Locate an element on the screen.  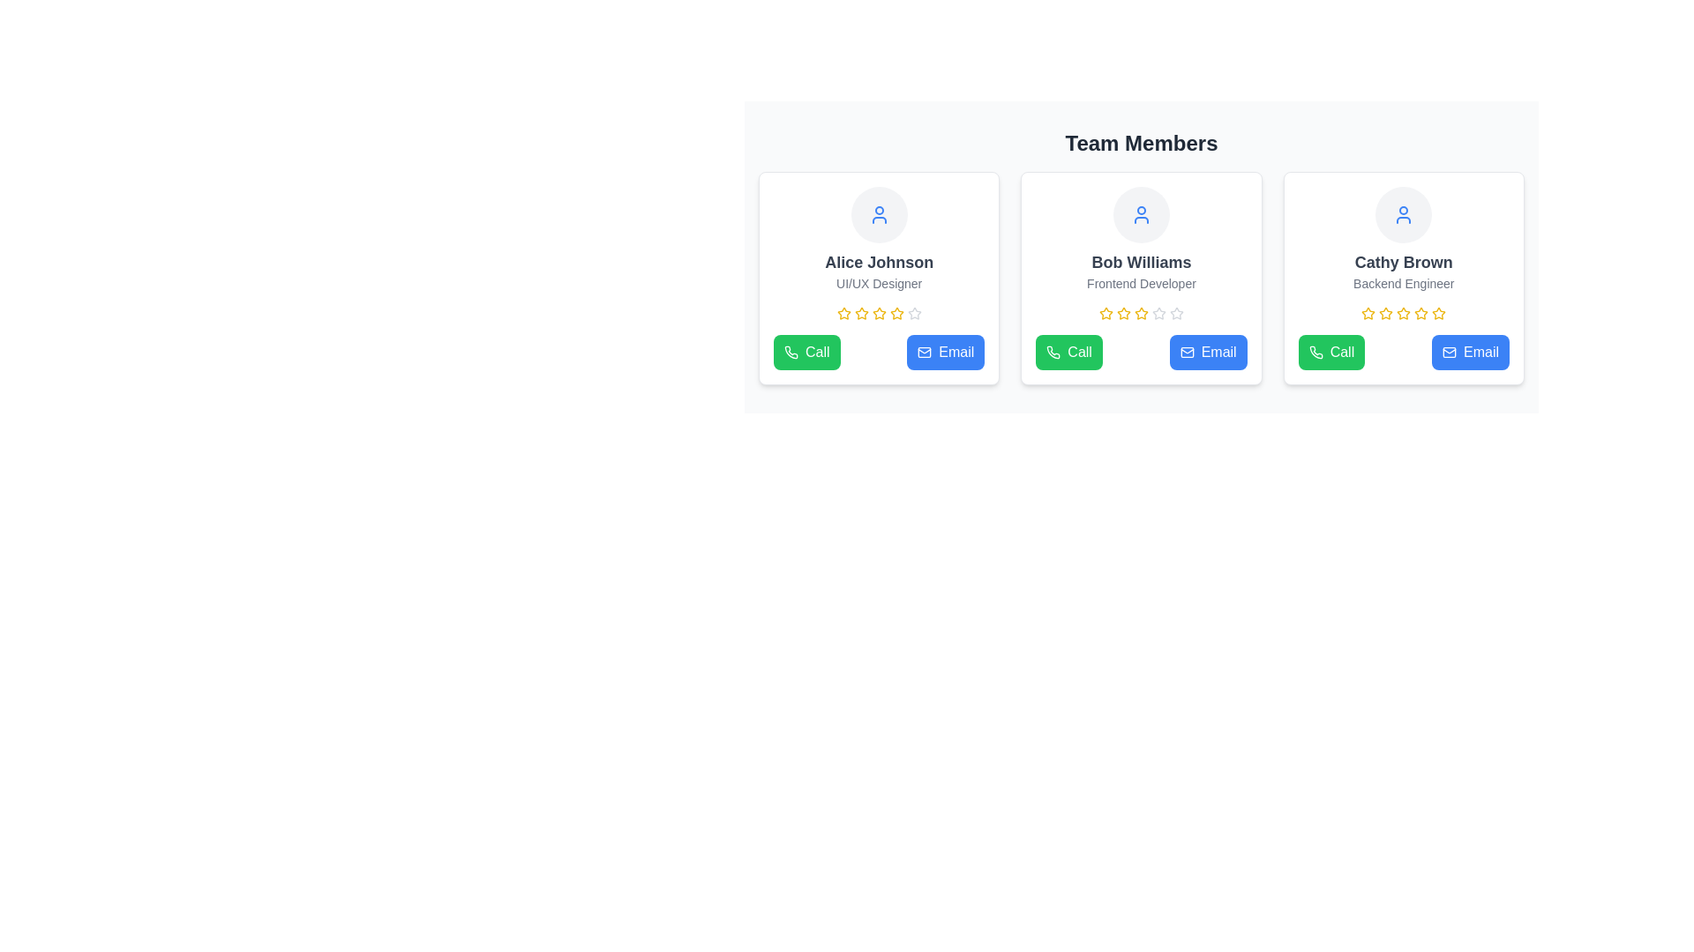
the fifth gray star-shaped icon in the rating system located underneath the 'Bob Williams' profile card in the 'Team Members' section is located at coordinates (1159, 312).